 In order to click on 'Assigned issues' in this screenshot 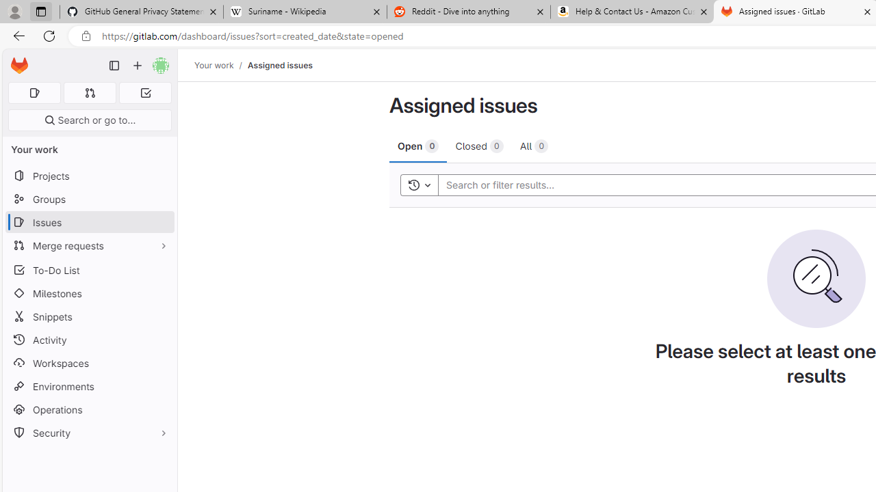, I will do `click(279, 65)`.